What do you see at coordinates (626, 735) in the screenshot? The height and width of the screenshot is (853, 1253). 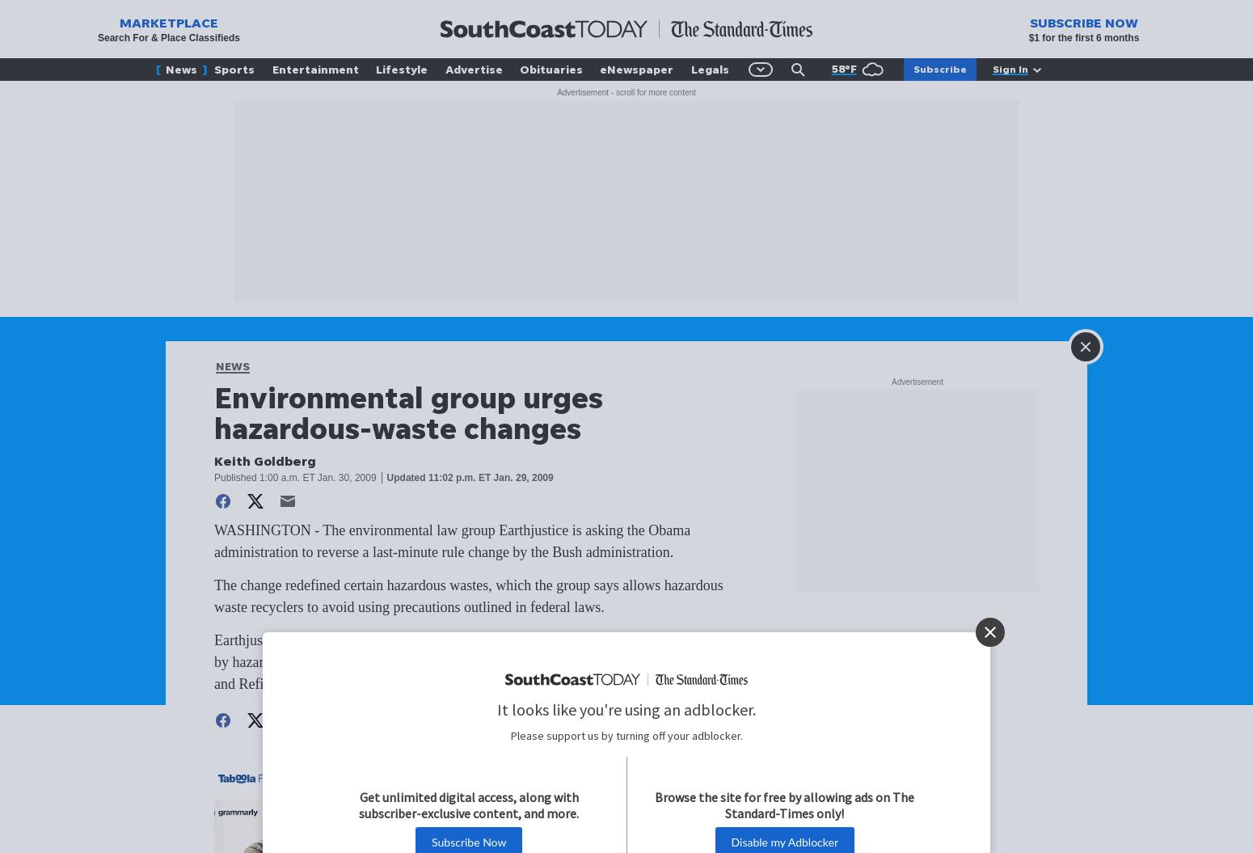 I see `'Please support us by turning off your adblocker.'` at bounding box center [626, 735].